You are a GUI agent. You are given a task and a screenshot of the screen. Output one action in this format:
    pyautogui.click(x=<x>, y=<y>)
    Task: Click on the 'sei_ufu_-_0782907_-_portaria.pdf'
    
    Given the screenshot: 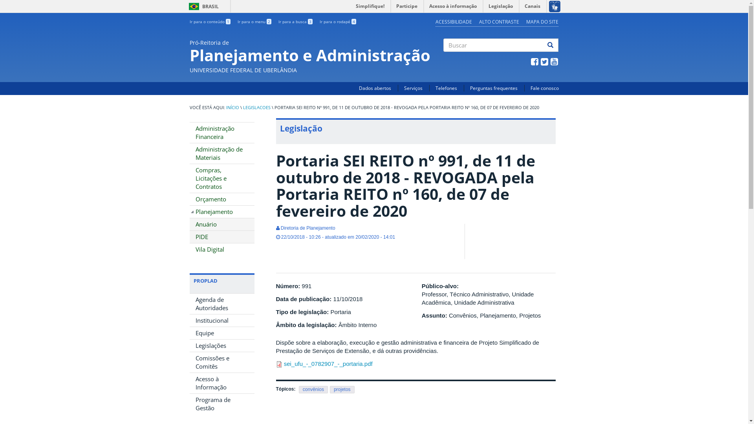 What is the action you would take?
    pyautogui.click(x=284, y=364)
    